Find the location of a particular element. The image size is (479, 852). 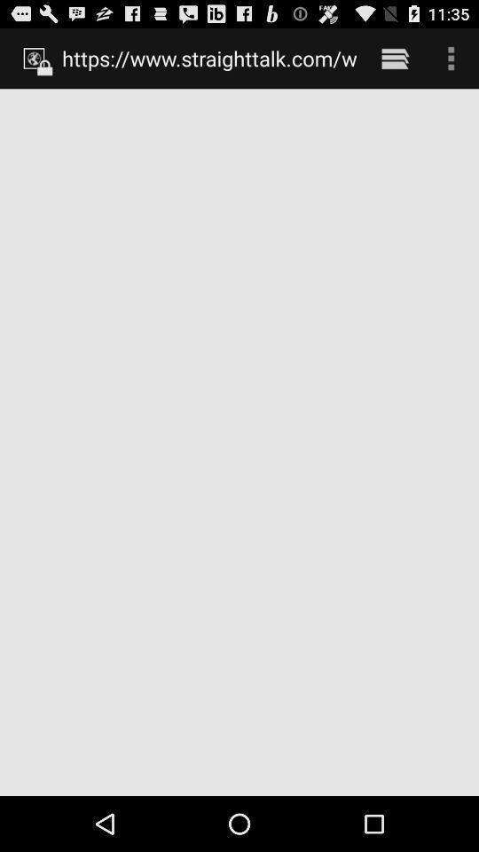

the https www straighttalk is located at coordinates (208, 58).